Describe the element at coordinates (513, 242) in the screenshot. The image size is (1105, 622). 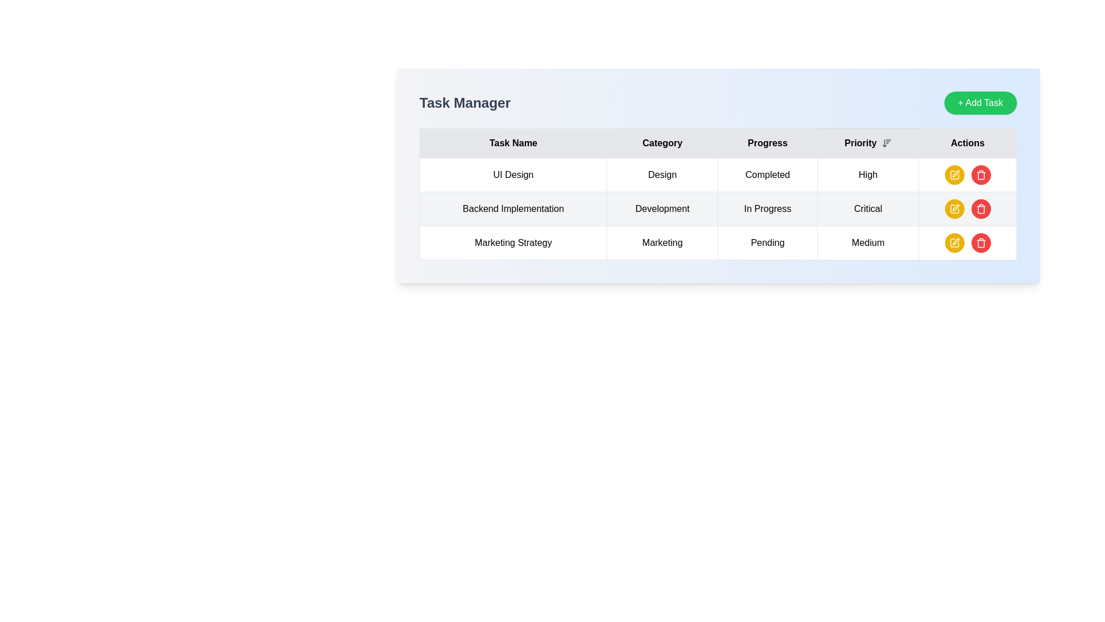
I see `text content of the first cell in the last row of the 'Task Manager' table, which serves as a descriptive label or title for a task` at that location.